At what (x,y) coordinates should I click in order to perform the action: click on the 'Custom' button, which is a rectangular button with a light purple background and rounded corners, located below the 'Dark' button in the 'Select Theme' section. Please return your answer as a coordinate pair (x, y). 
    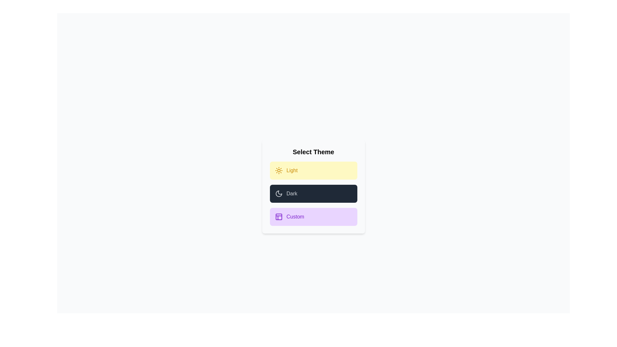
    Looking at the image, I should click on (313, 217).